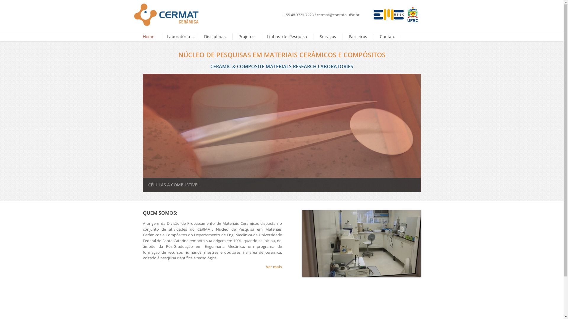  What do you see at coordinates (142, 36) in the screenshot?
I see `'Home'` at bounding box center [142, 36].